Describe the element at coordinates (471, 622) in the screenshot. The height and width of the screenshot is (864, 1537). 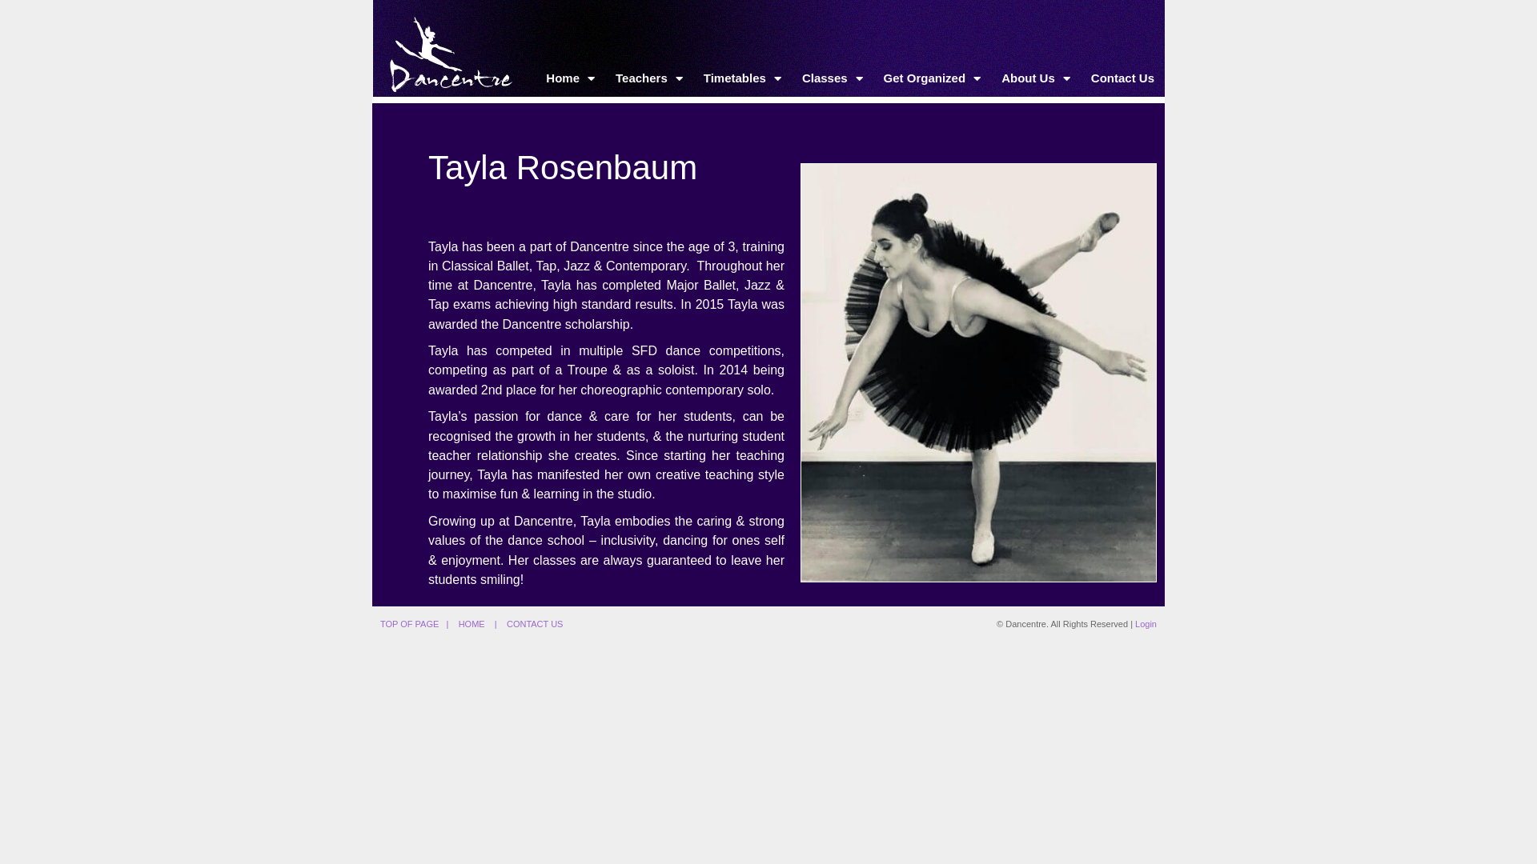
I see `'HOME'` at that location.